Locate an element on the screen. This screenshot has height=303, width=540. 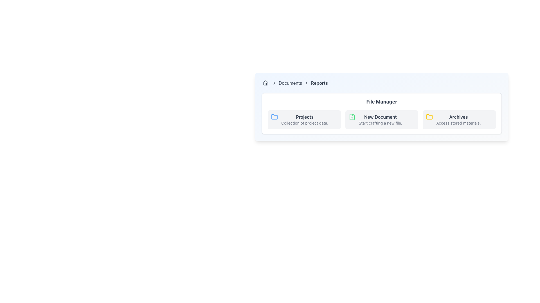
the 'Archives' Icon located on the left side of the 'Archives' section in the File Manager, adjacent to the text 'Archives' and 'Access stored materials.' is located at coordinates (429, 116).